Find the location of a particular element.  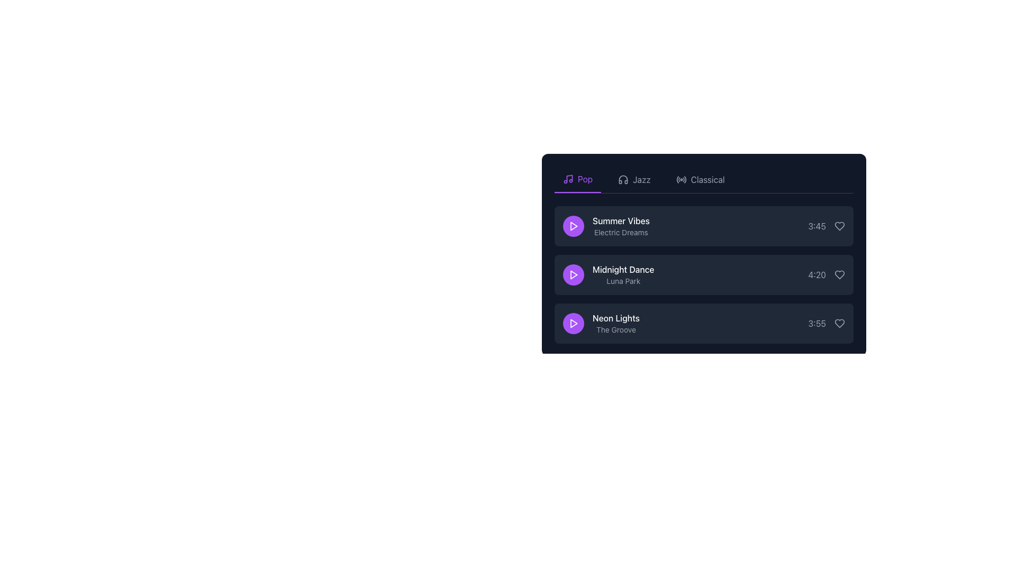

the static text display showing the duration '3:45' in light gray color, which is part of the list item for the track 'Summer Vibes' is located at coordinates (826, 226).